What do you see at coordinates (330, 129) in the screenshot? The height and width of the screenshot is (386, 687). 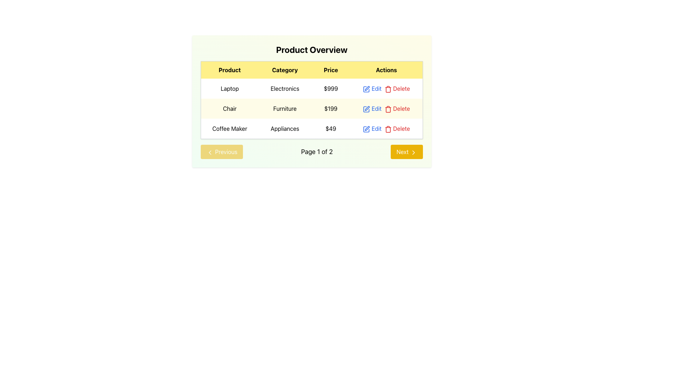 I see `the static text field displaying the price of the 'Coffee Maker' product, located in the third row under the 'Price' column` at bounding box center [330, 129].